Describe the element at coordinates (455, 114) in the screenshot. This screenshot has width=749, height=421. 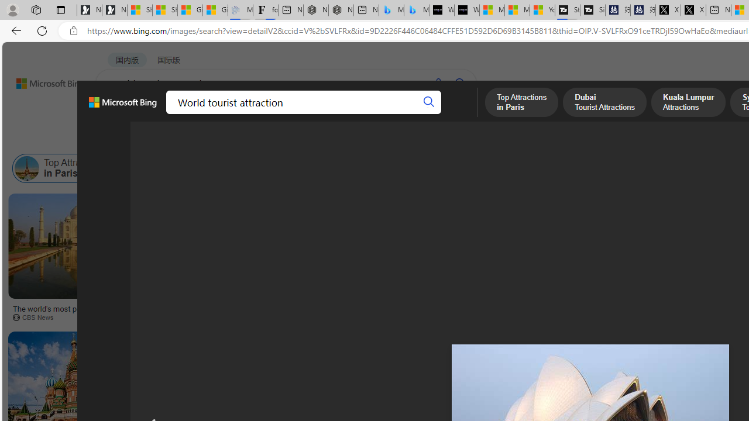
I see `'MORE'` at that location.